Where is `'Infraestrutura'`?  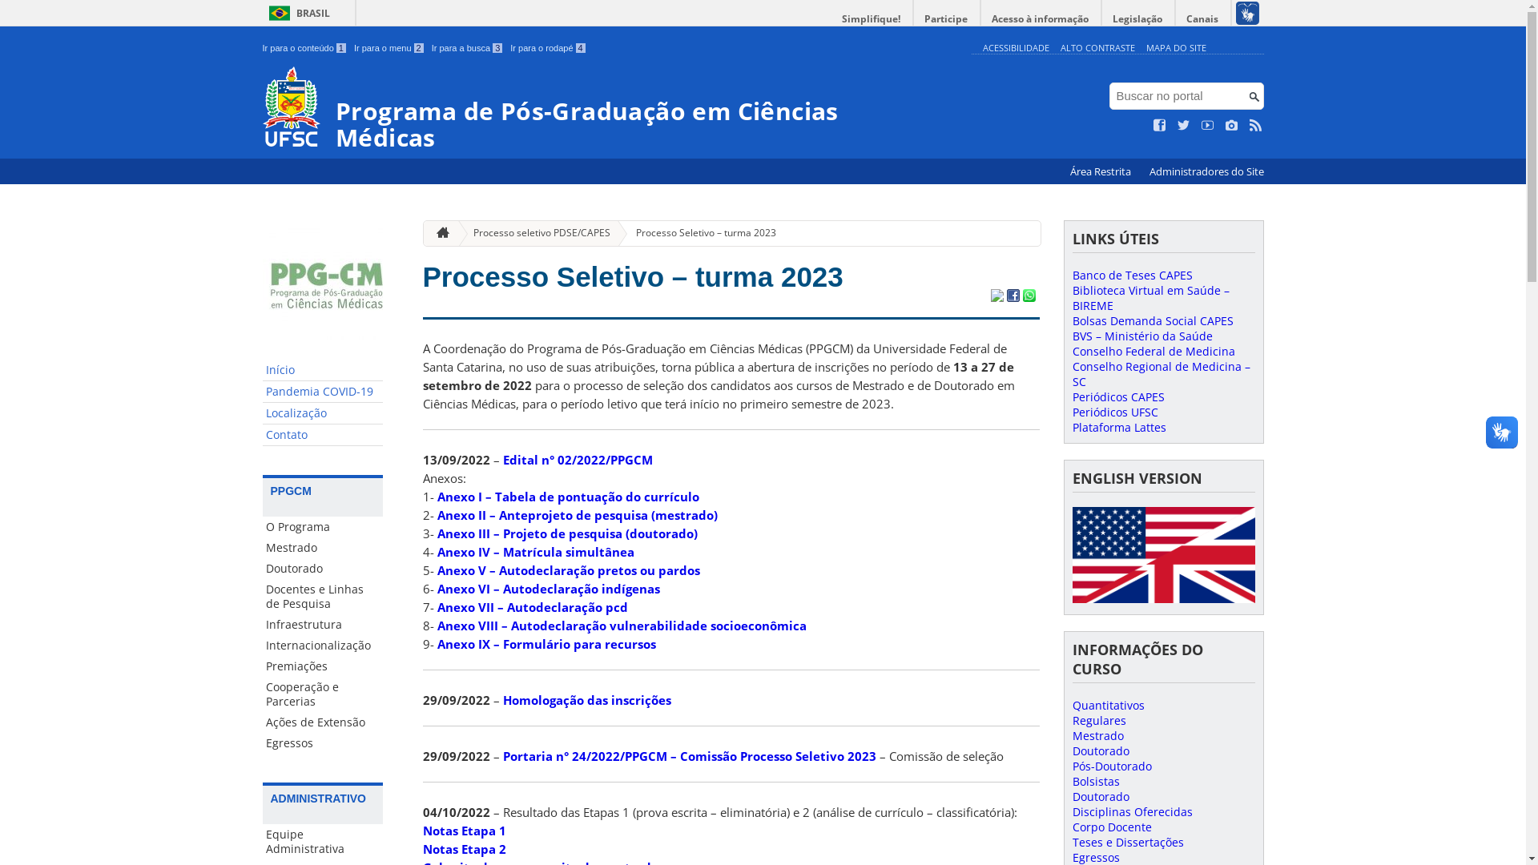
'Infraestrutura' is located at coordinates (322, 623).